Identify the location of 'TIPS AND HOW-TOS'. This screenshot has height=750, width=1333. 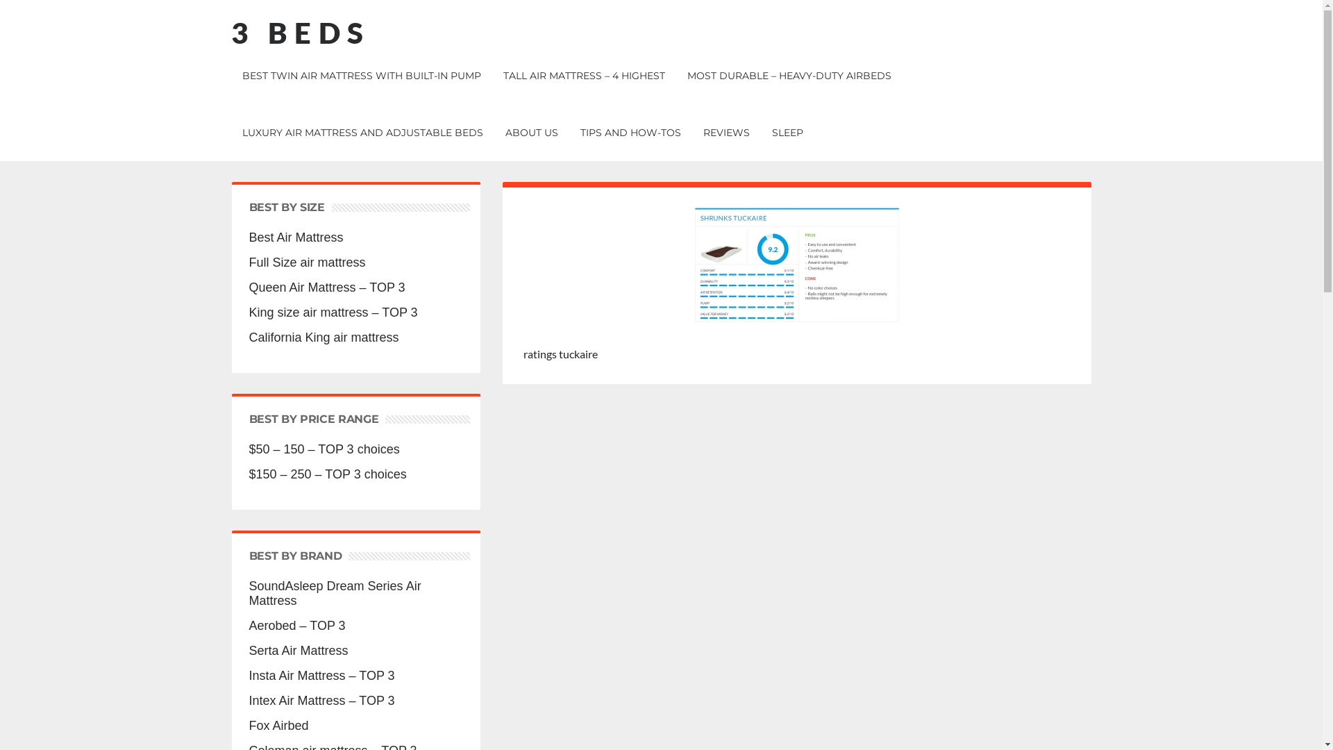
(630, 133).